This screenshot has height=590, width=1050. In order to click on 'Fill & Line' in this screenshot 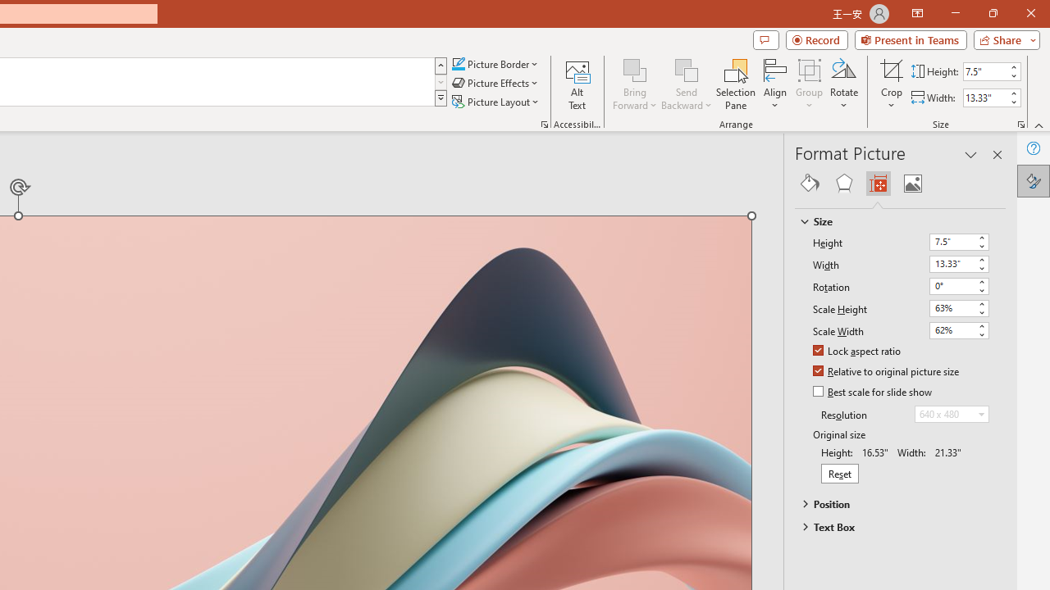, I will do `click(810, 183)`.